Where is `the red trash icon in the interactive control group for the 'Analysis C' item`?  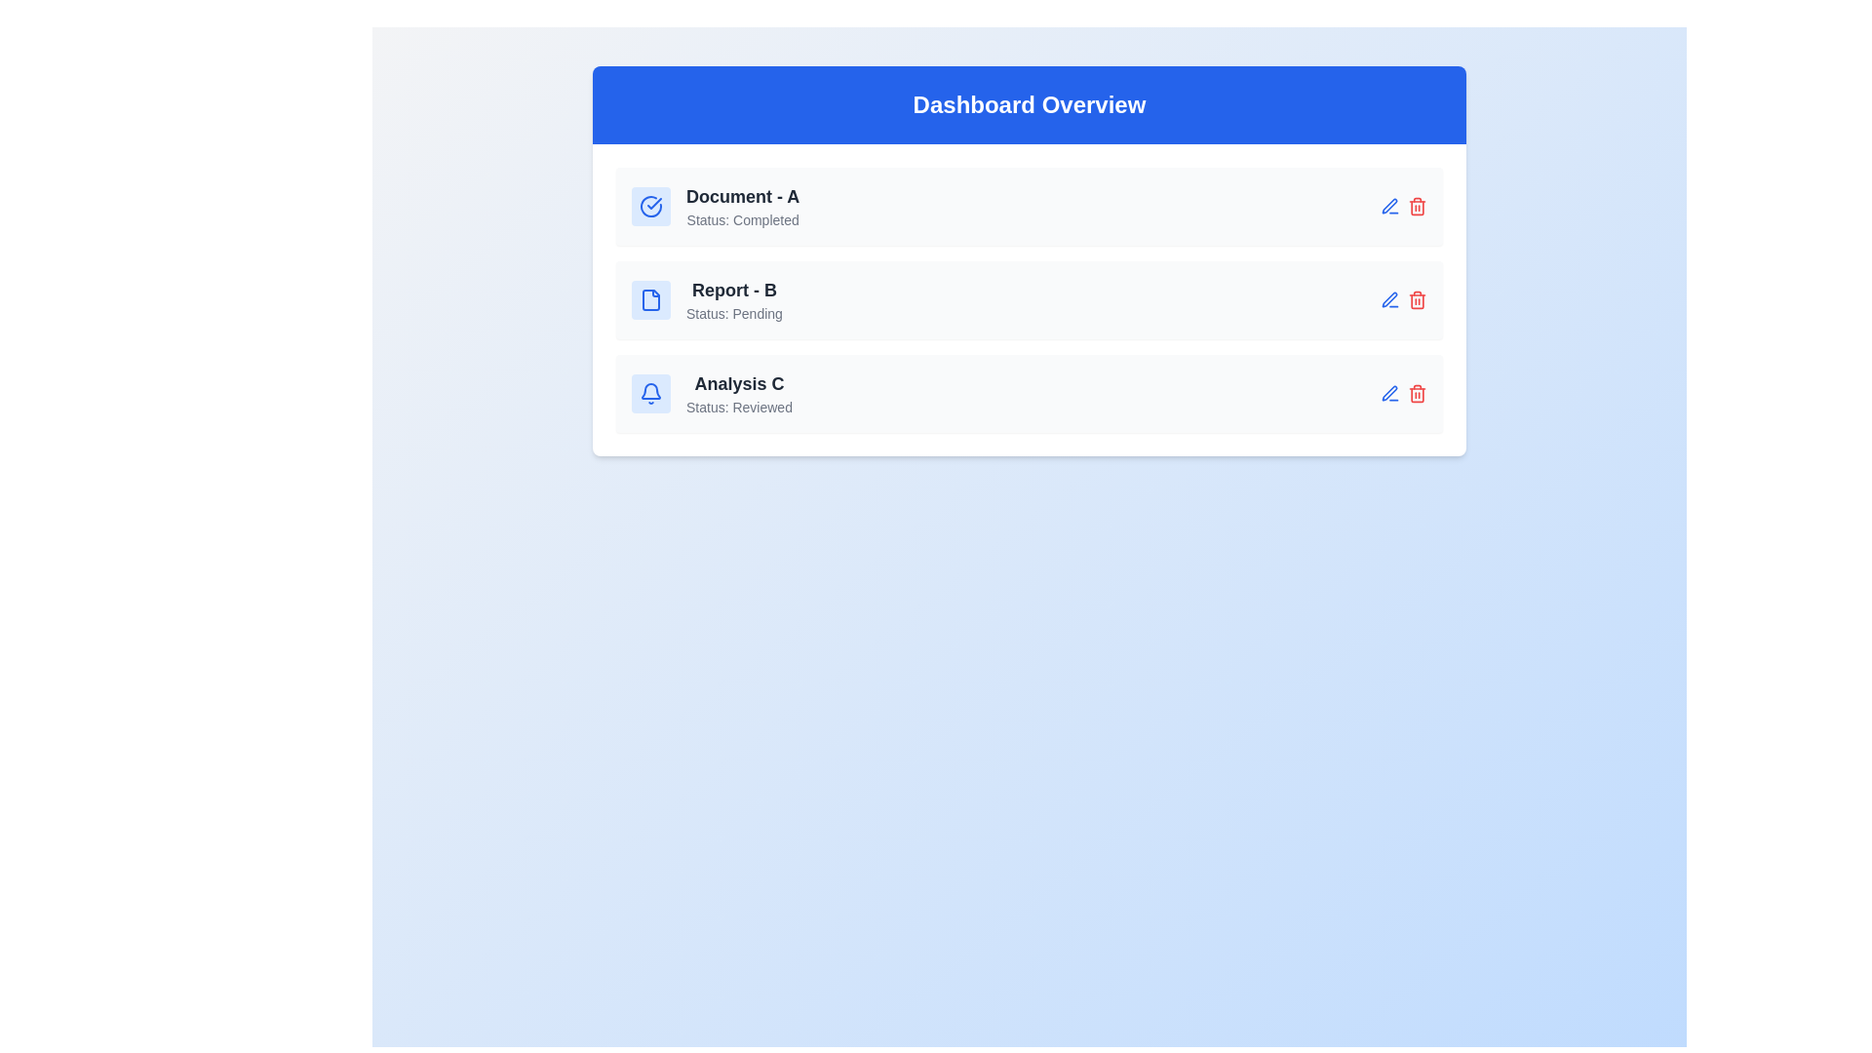
the red trash icon in the interactive control group for the 'Analysis C' item is located at coordinates (1404, 394).